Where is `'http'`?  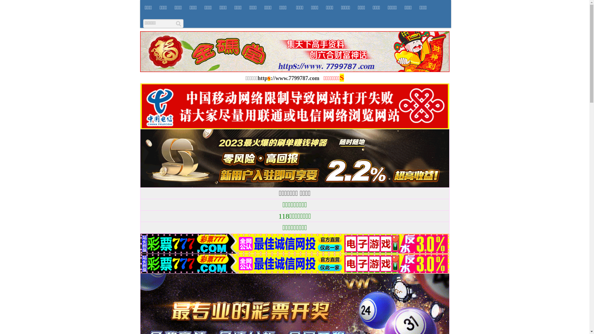
'http' is located at coordinates (263, 78).